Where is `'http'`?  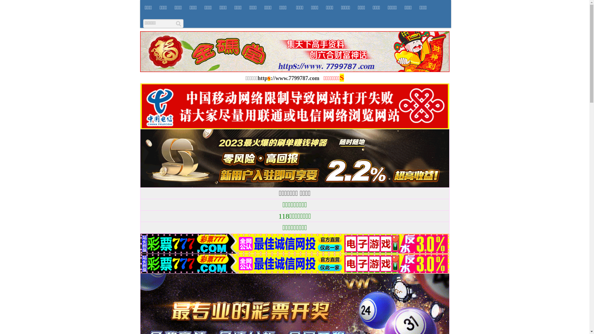
'http' is located at coordinates (263, 78).